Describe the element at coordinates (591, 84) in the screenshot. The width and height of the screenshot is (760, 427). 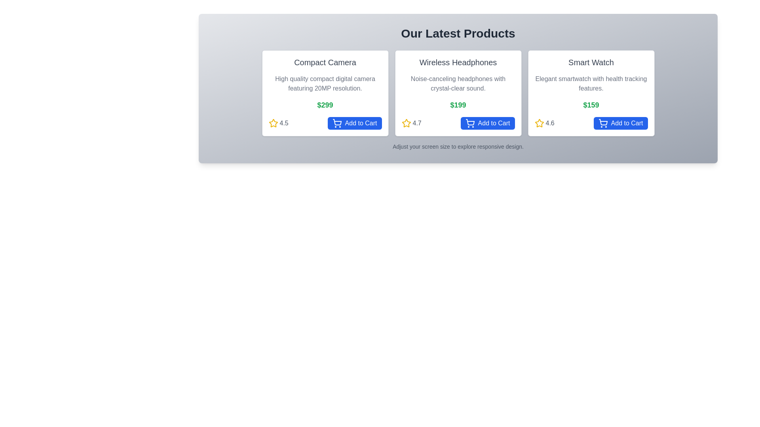
I see `the descriptive text element located beneath the title 'Smart Watch' and above the price and rating section` at that location.